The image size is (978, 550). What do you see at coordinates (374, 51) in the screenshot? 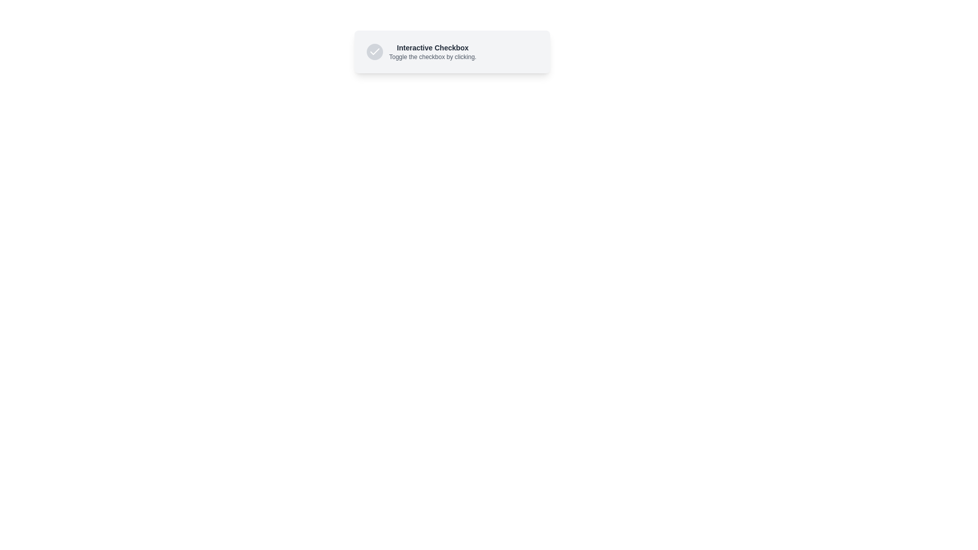
I see `the Circular Toggle Button located in the 'Interactive Checkbox' section` at bounding box center [374, 51].